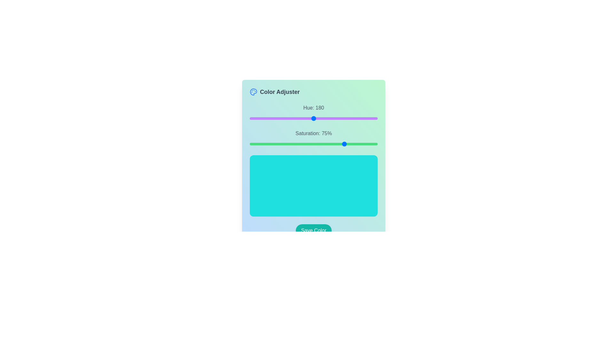  Describe the element at coordinates (366, 144) in the screenshot. I see `saturation` at that location.